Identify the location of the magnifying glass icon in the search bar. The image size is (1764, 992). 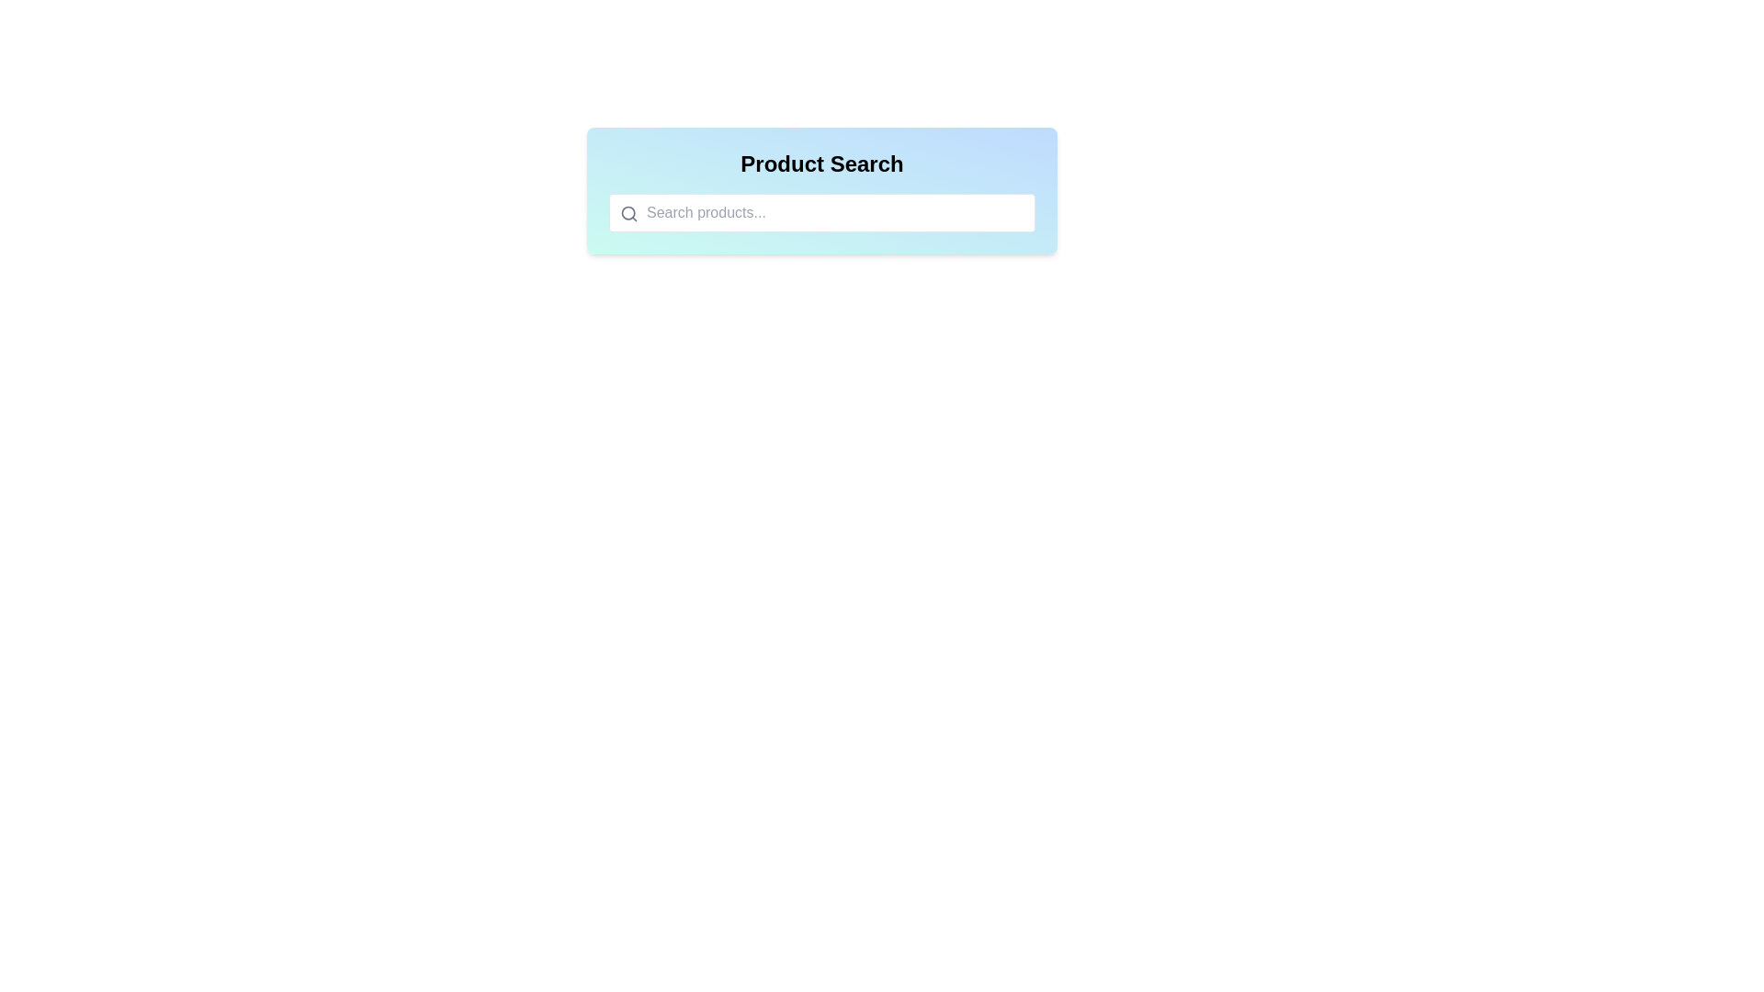
(629, 212).